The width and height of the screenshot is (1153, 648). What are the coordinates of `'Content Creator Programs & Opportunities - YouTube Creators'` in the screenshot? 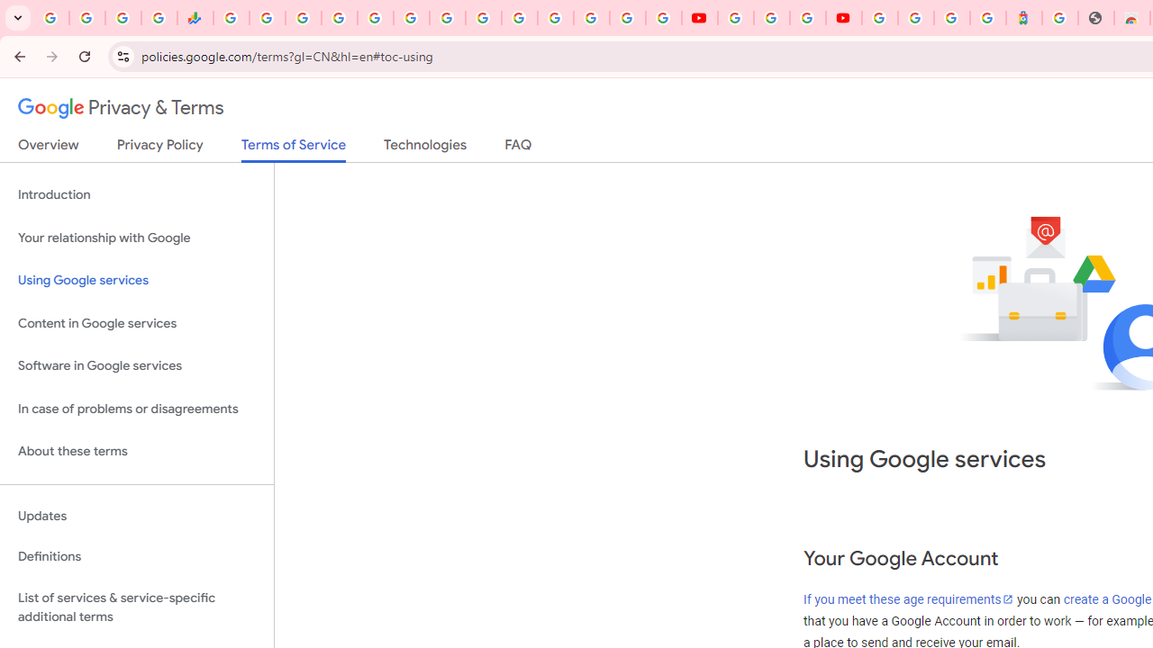 It's located at (842, 18).